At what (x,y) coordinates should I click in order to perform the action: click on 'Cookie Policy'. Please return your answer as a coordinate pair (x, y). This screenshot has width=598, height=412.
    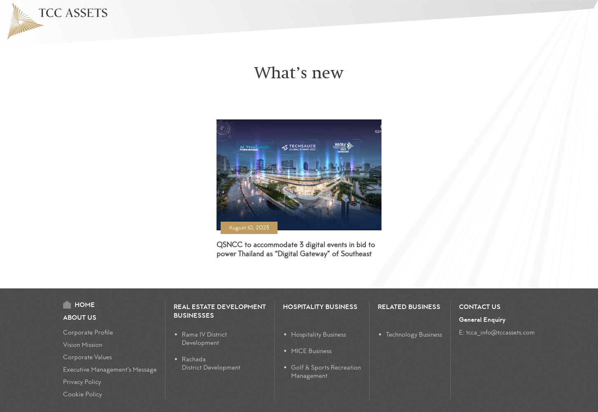
    Looking at the image, I should click on (82, 394).